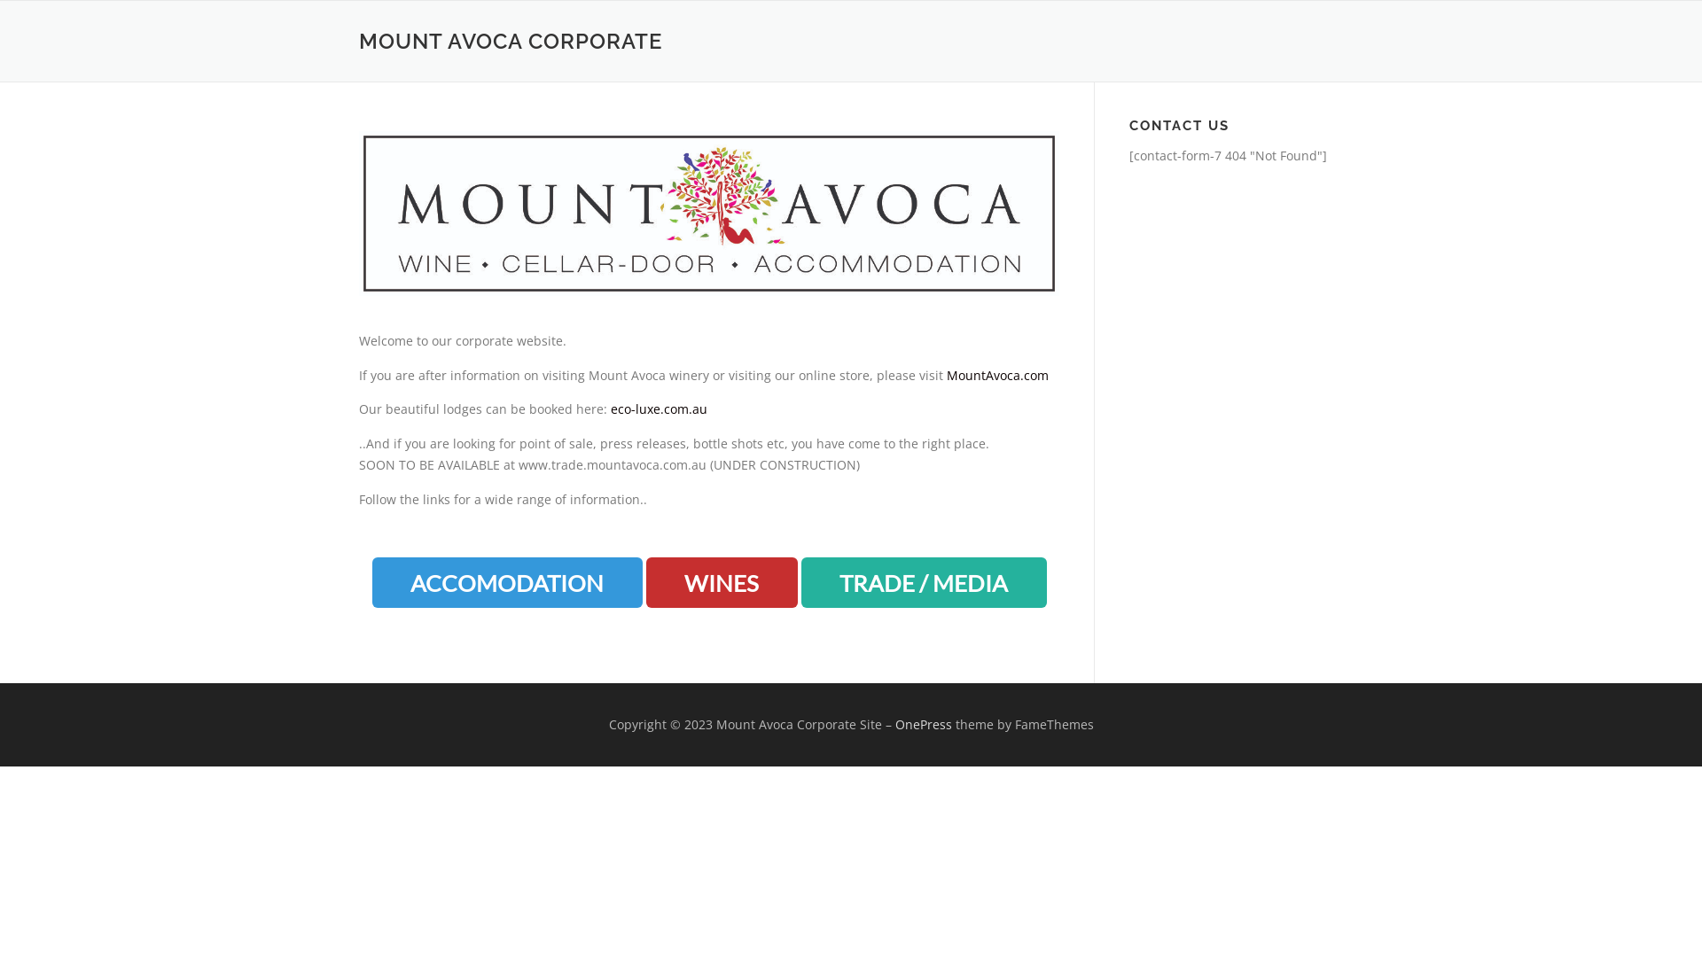 The image size is (1702, 957). Describe the element at coordinates (658, 408) in the screenshot. I see `'eco-luxe.com.au'` at that location.